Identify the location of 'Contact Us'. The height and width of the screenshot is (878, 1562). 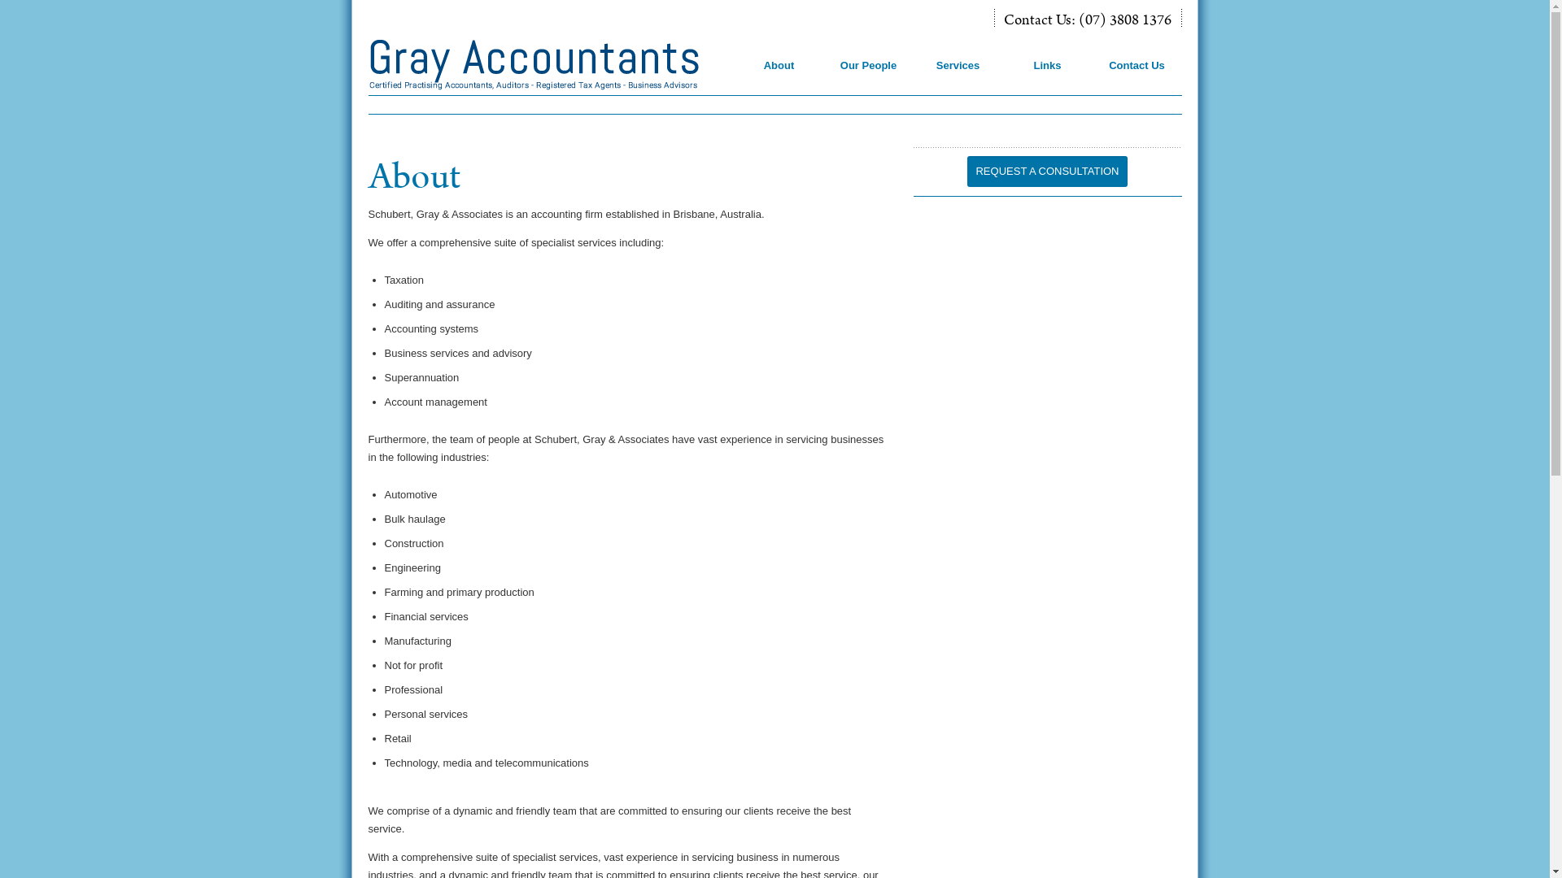
(1137, 77).